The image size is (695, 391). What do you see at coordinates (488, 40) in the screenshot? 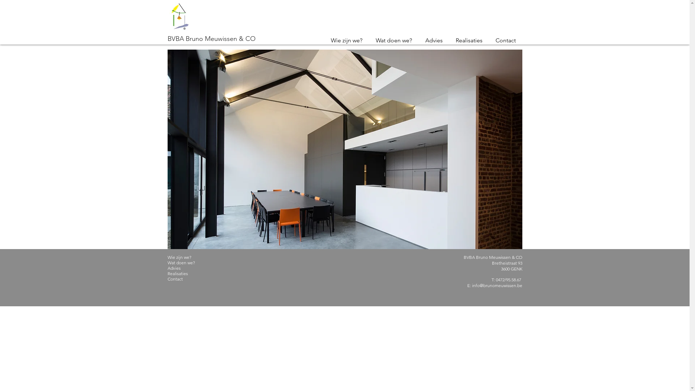
I see `'Contact'` at bounding box center [488, 40].